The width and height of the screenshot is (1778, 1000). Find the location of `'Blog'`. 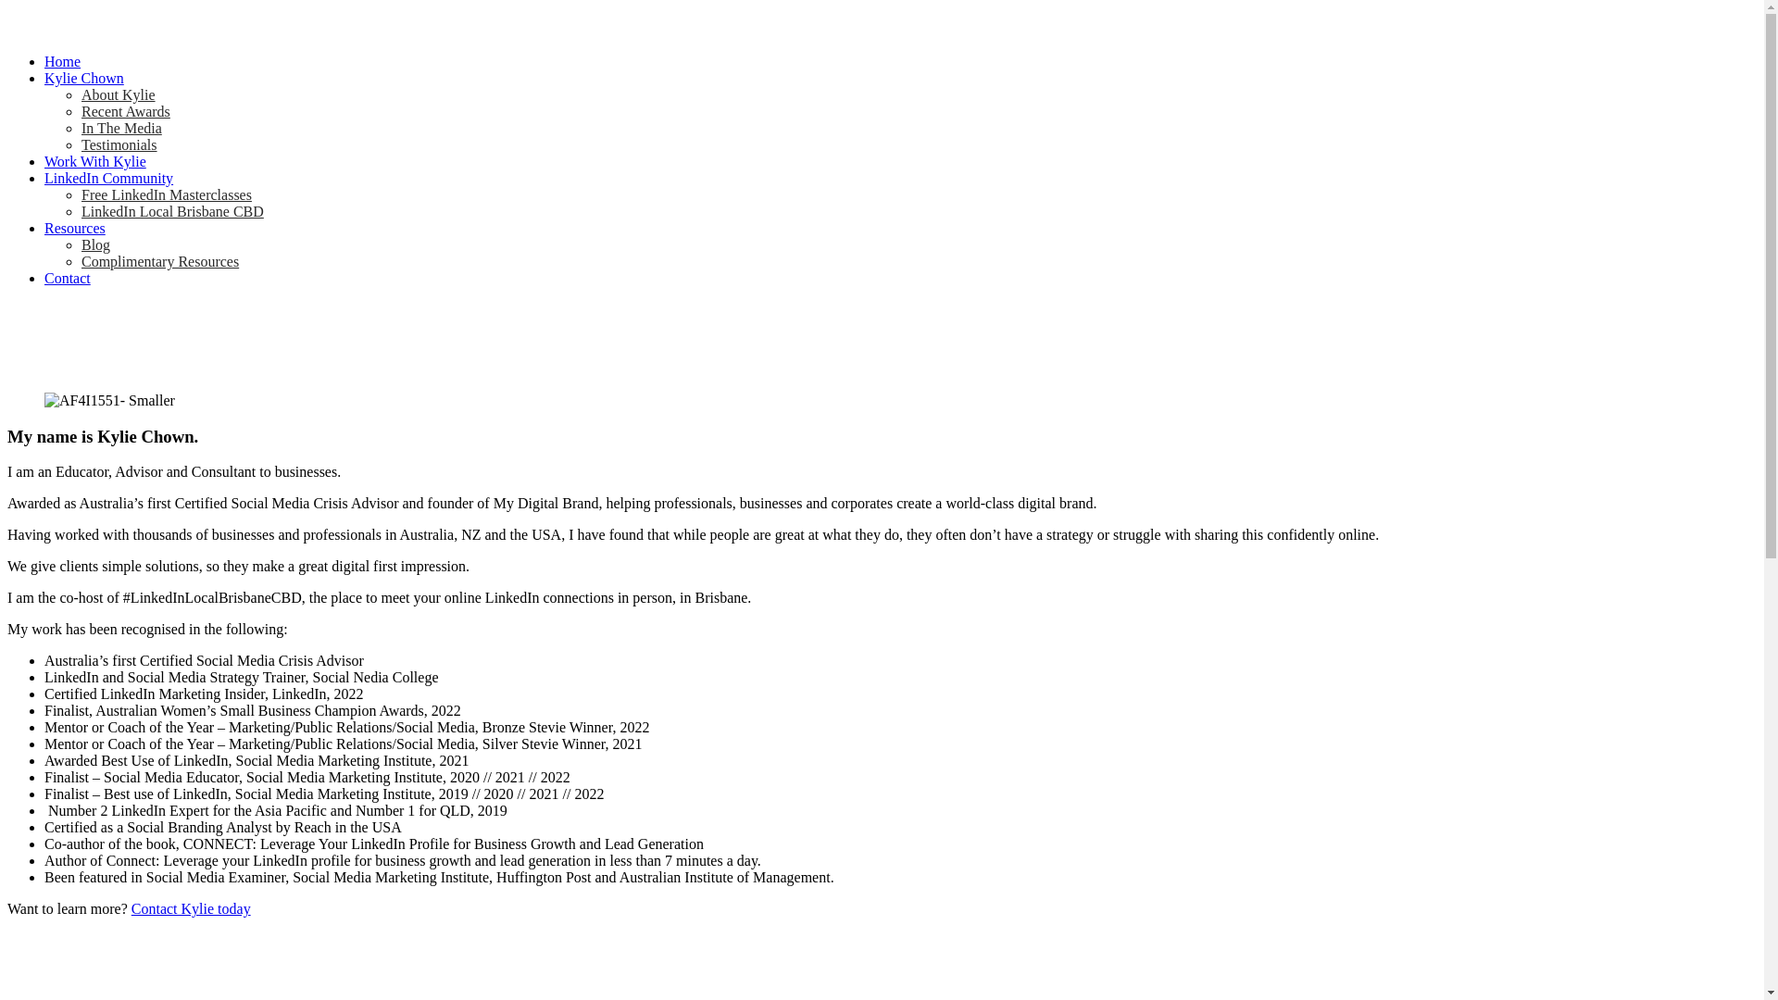

'Blog' is located at coordinates (94, 244).